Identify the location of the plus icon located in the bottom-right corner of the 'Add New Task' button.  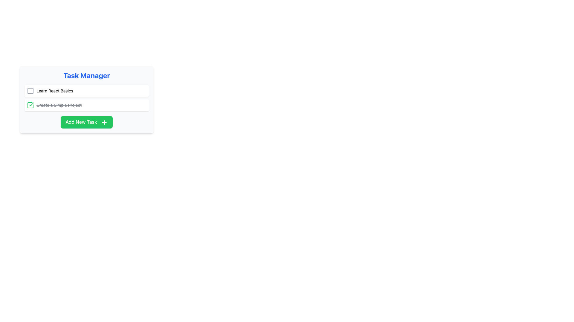
(104, 122).